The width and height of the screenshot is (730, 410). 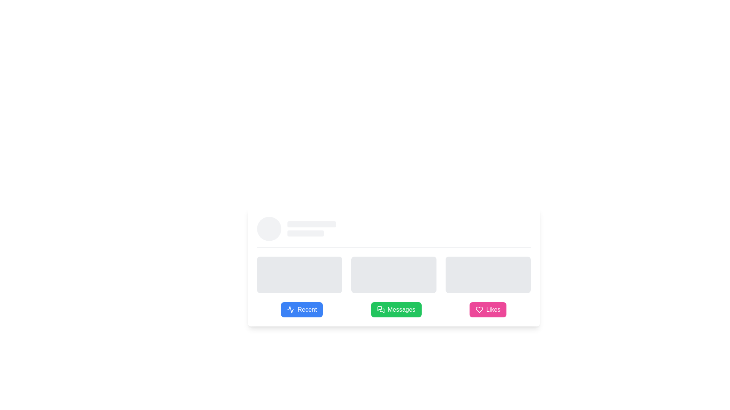 What do you see at coordinates (488, 275) in the screenshot?
I see `the rightmost placeholder in the bottom row of three similar skeleton loaders, indicating a loading or pending state` at bounding box center [488, 275].